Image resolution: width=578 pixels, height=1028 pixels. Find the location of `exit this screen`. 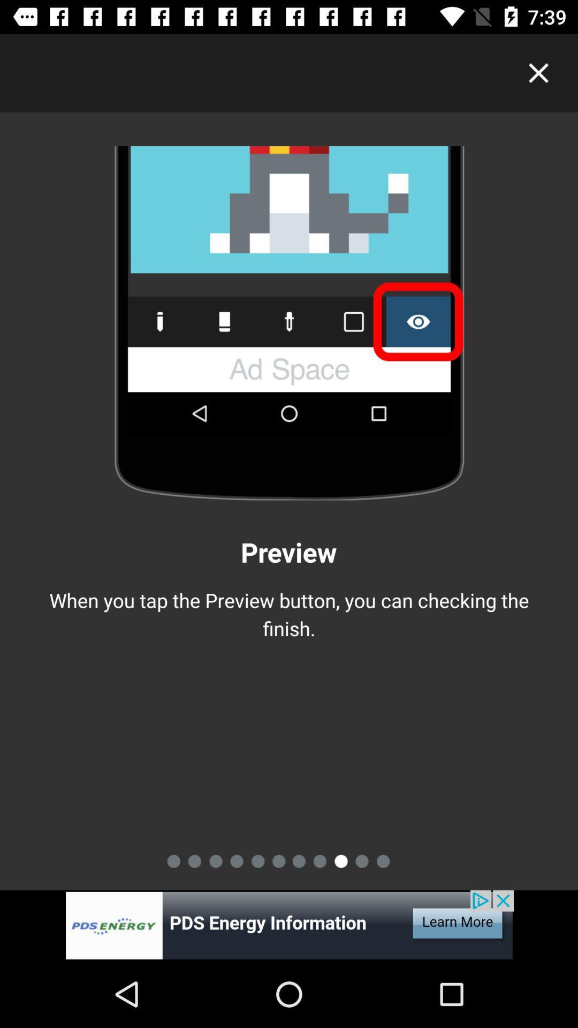

exit this screen is located at coordinates (538, 72).